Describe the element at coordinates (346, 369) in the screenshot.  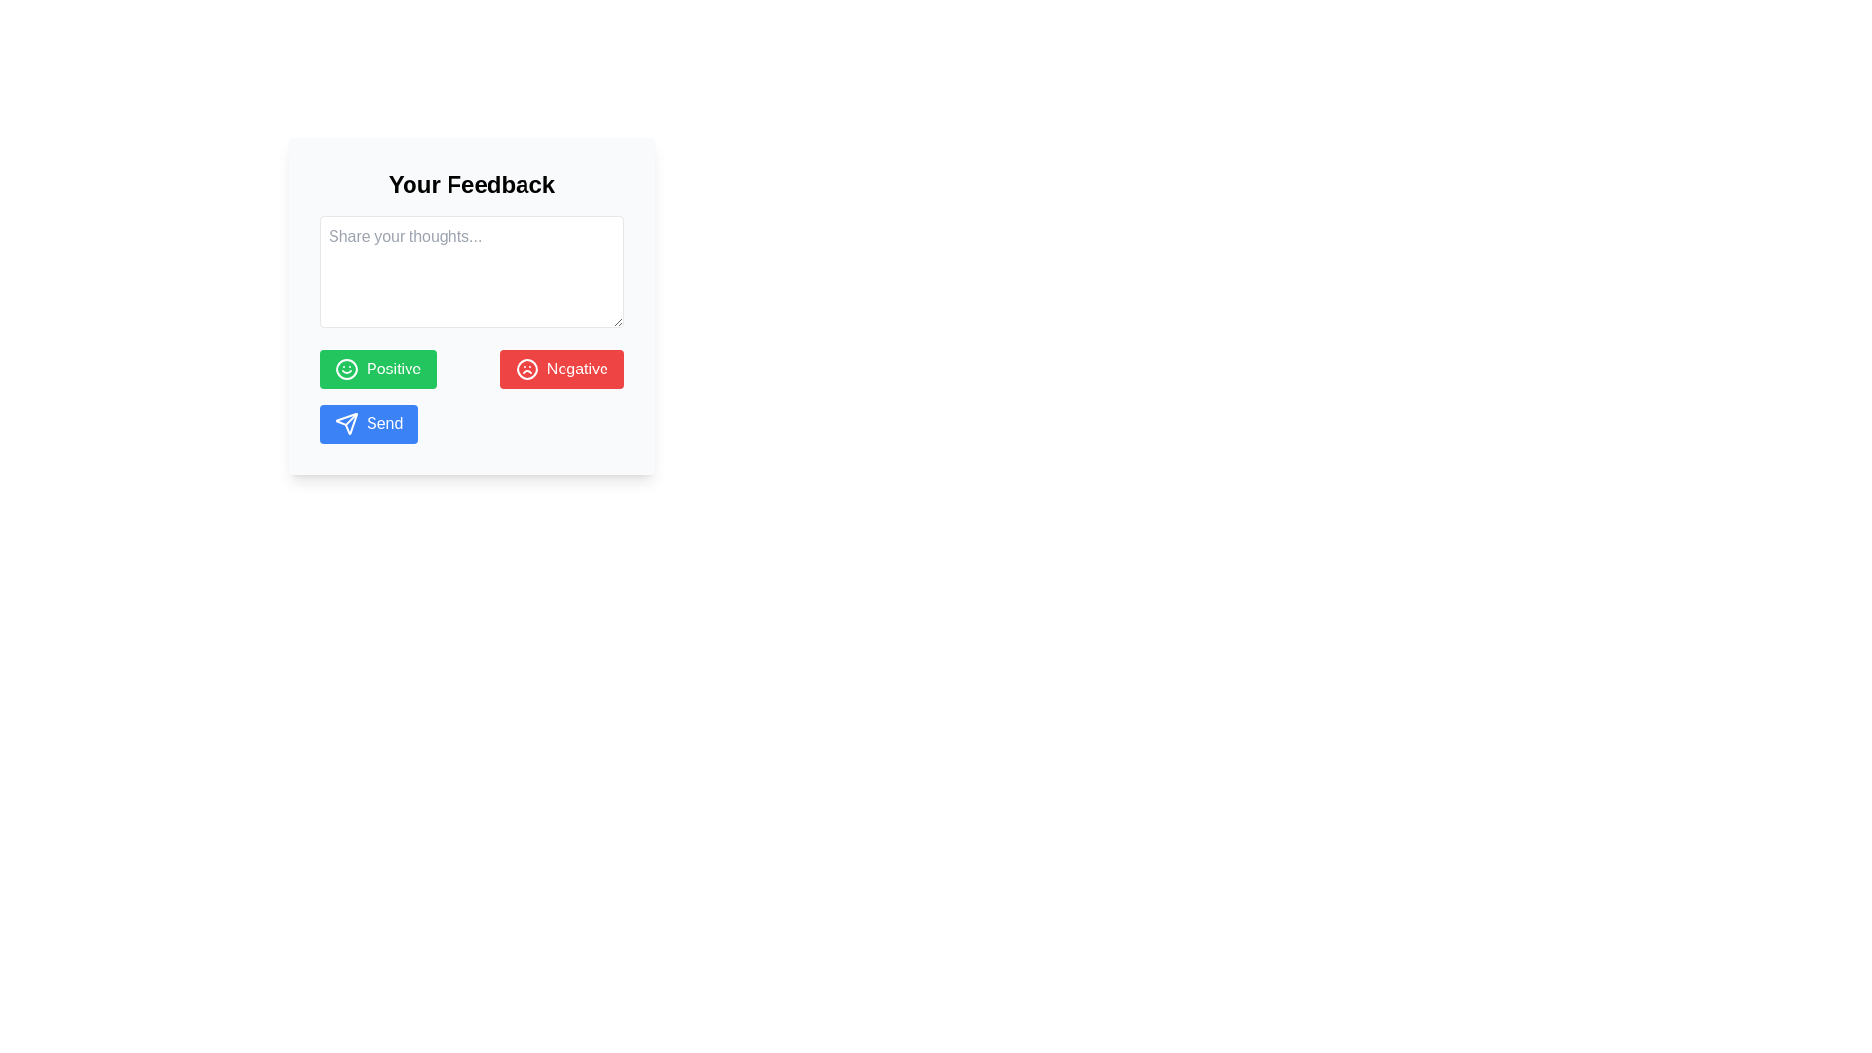
I see `the circular smiley face icon, which is green and located to the left of the green 'Positive' button in the feedback form` at that location.